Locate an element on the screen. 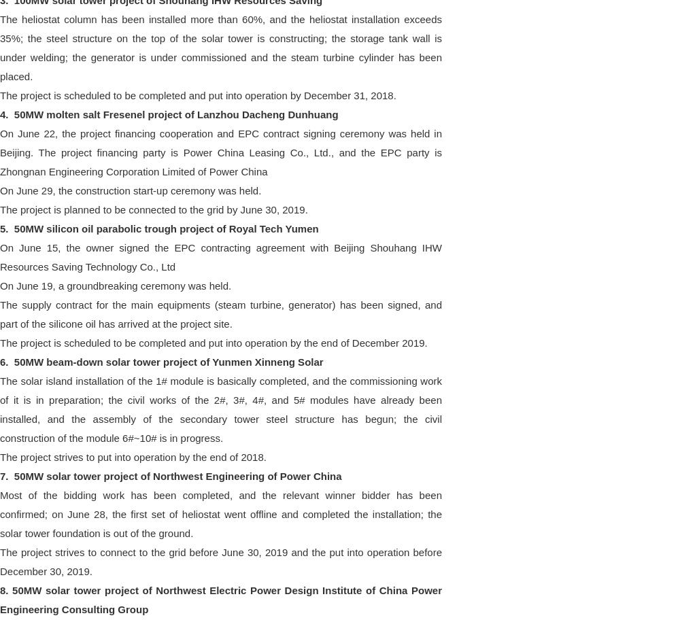  '5.  50MW silicon oil parabolic trough project of Royal Tech Yumen' is located at coordinates (160, 228).